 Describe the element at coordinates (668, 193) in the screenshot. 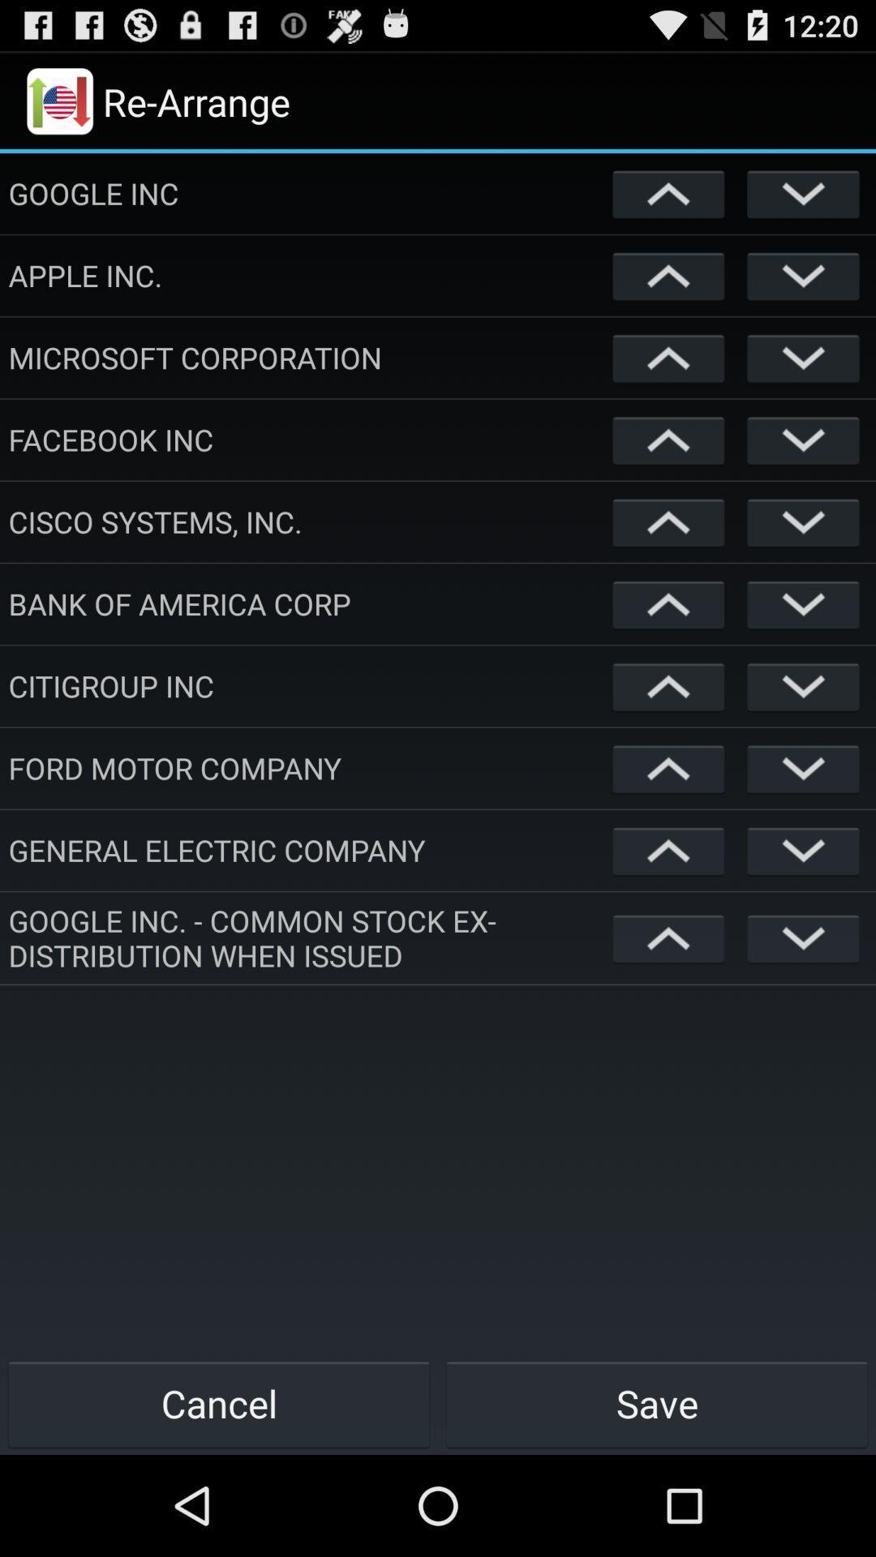

I see `option` at that location.